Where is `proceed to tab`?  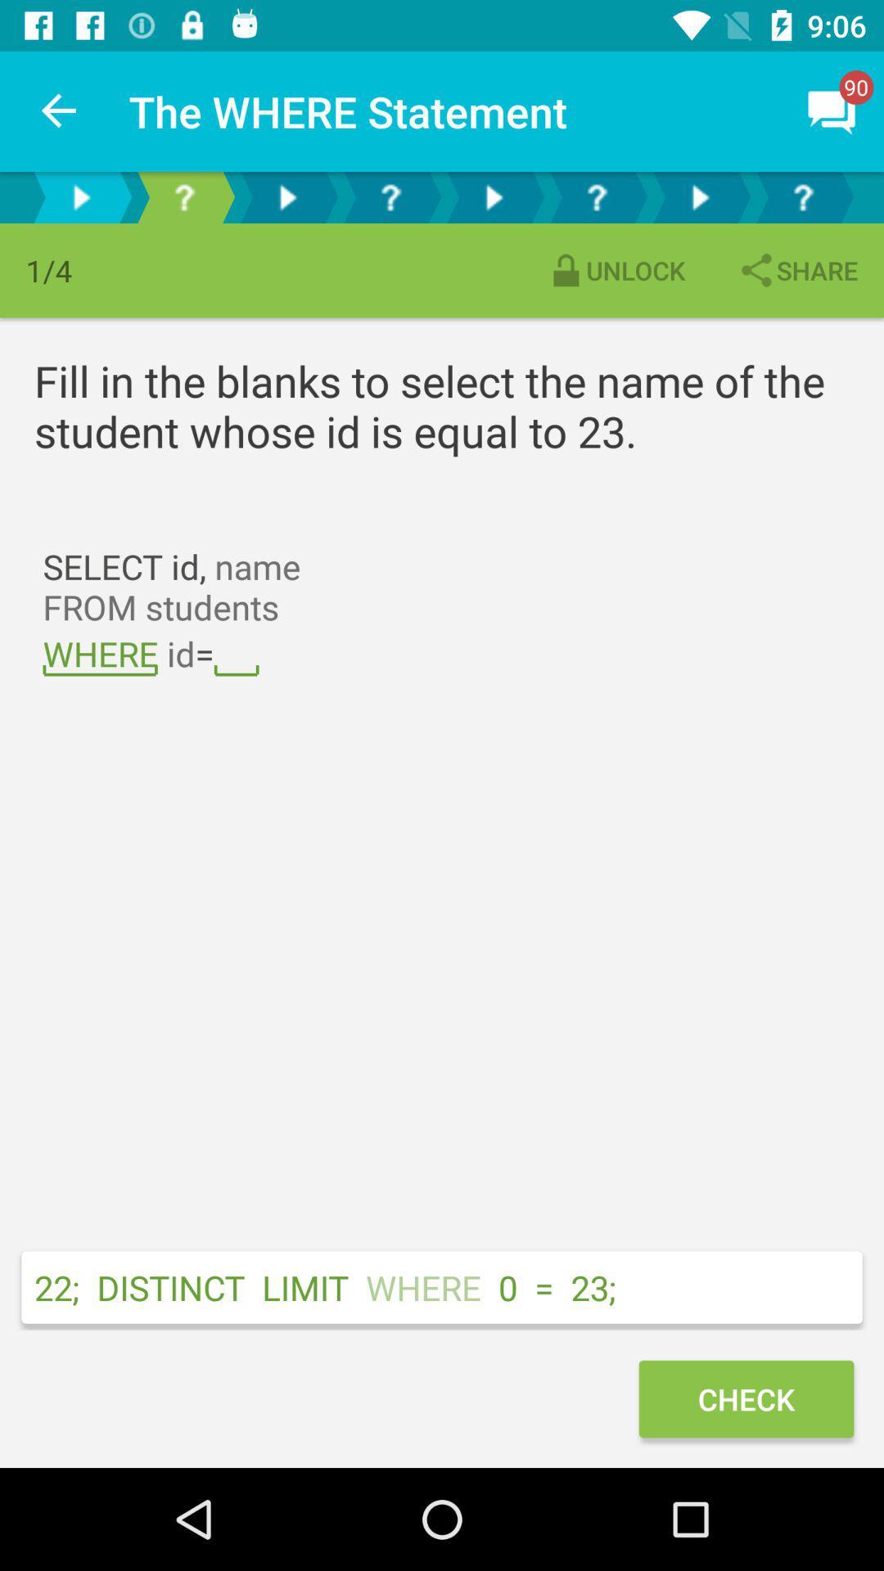
proceed to tab is located at coordinates (390, 196).